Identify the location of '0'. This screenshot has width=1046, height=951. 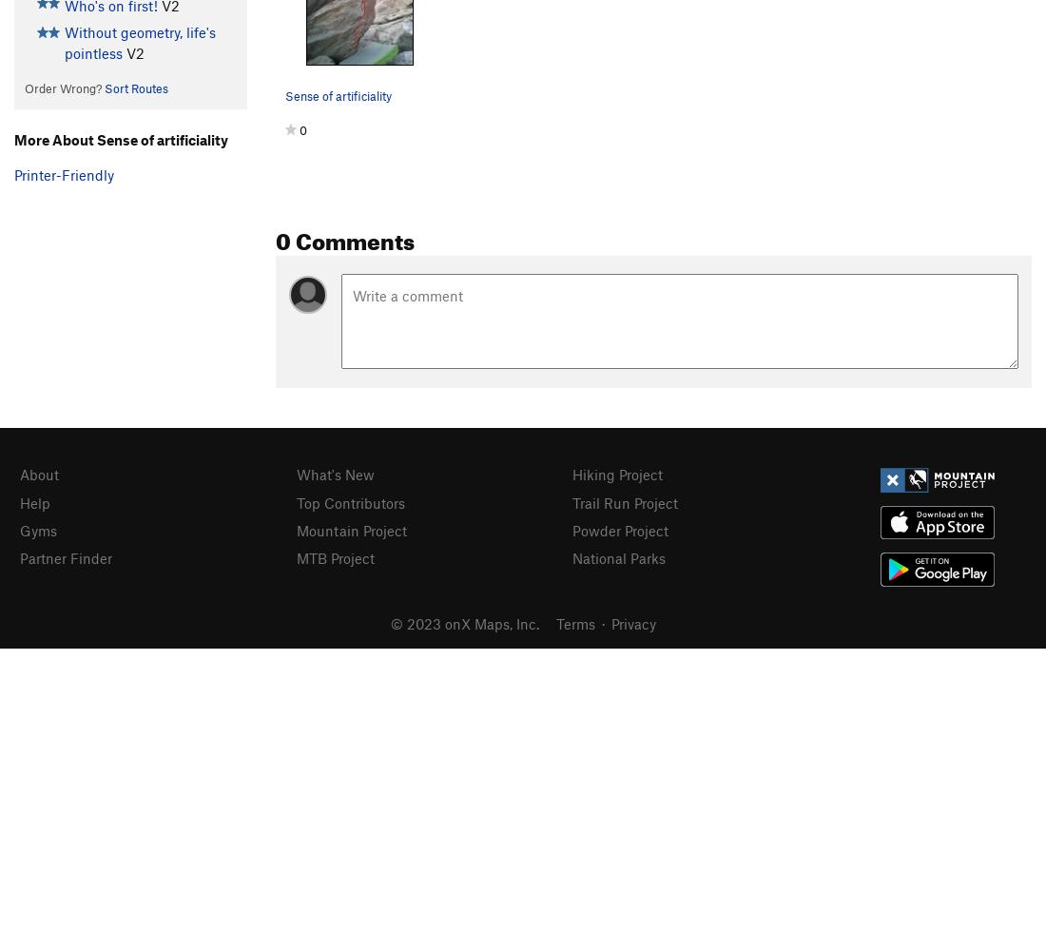
(302, 130).